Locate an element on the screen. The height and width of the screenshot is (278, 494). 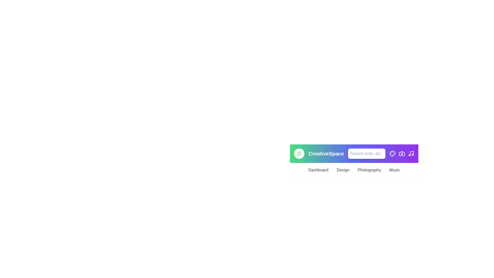
the toolbar icon Music is located at coordinates (411, 153).